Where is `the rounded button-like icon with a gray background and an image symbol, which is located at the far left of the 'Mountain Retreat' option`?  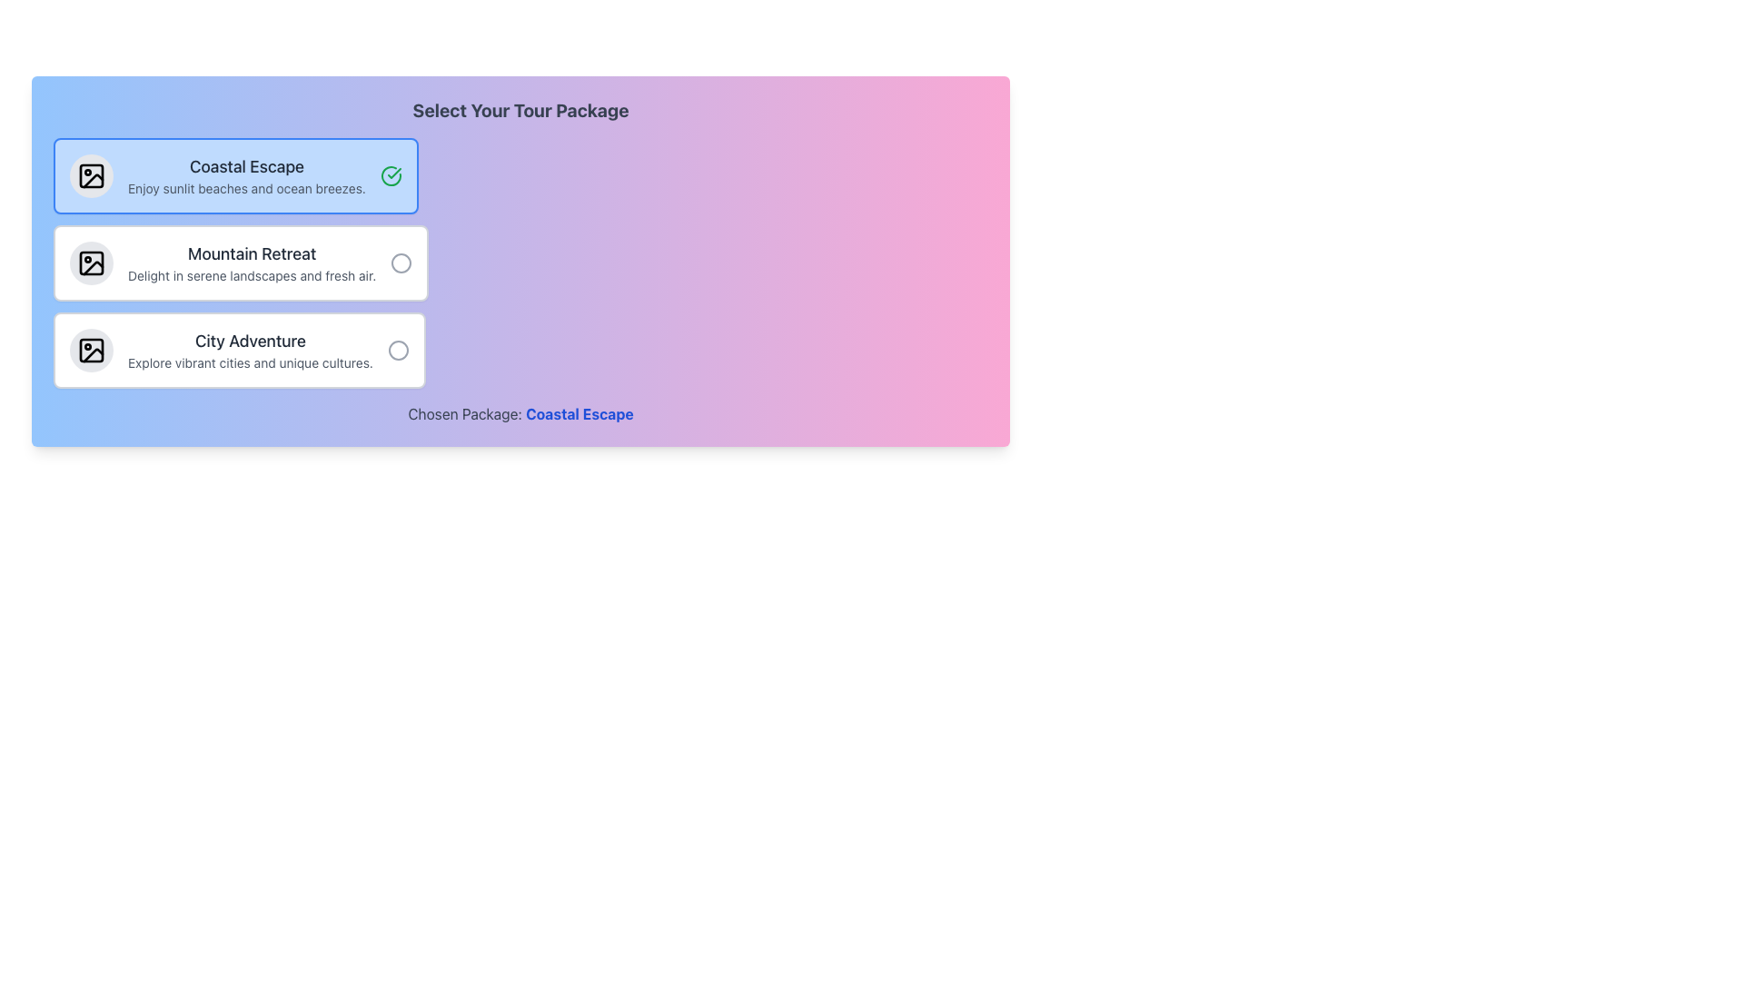 the rounded button-like icon with a gray background and an image symbol, which is located at the far left of the 'Mountain Retreat' option is located at coordinates (90, 263).